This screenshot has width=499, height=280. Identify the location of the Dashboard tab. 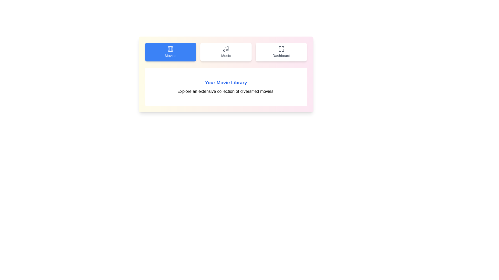
(281, 52).